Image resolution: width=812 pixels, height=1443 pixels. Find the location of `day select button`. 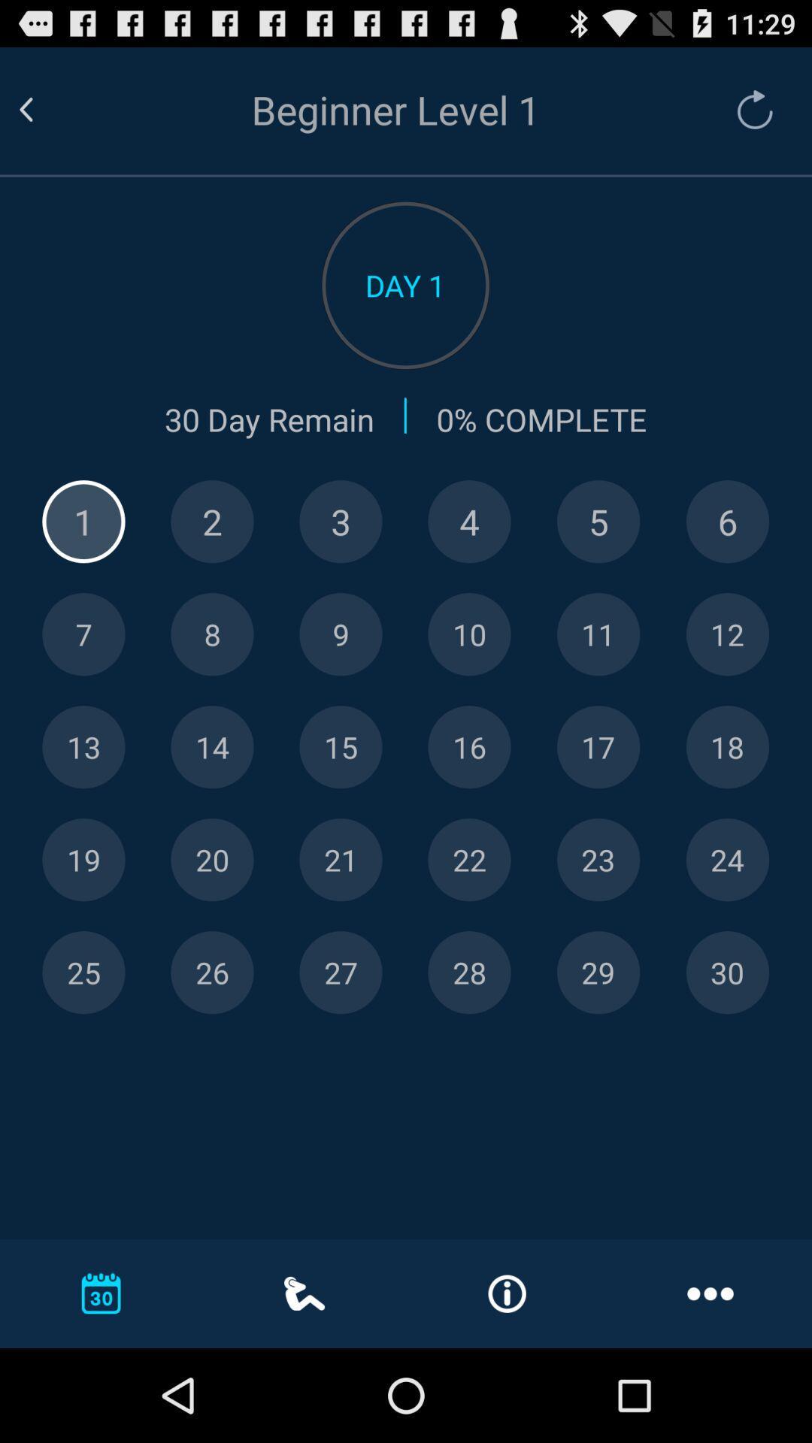

day select button is located at coordinates (468, 973).